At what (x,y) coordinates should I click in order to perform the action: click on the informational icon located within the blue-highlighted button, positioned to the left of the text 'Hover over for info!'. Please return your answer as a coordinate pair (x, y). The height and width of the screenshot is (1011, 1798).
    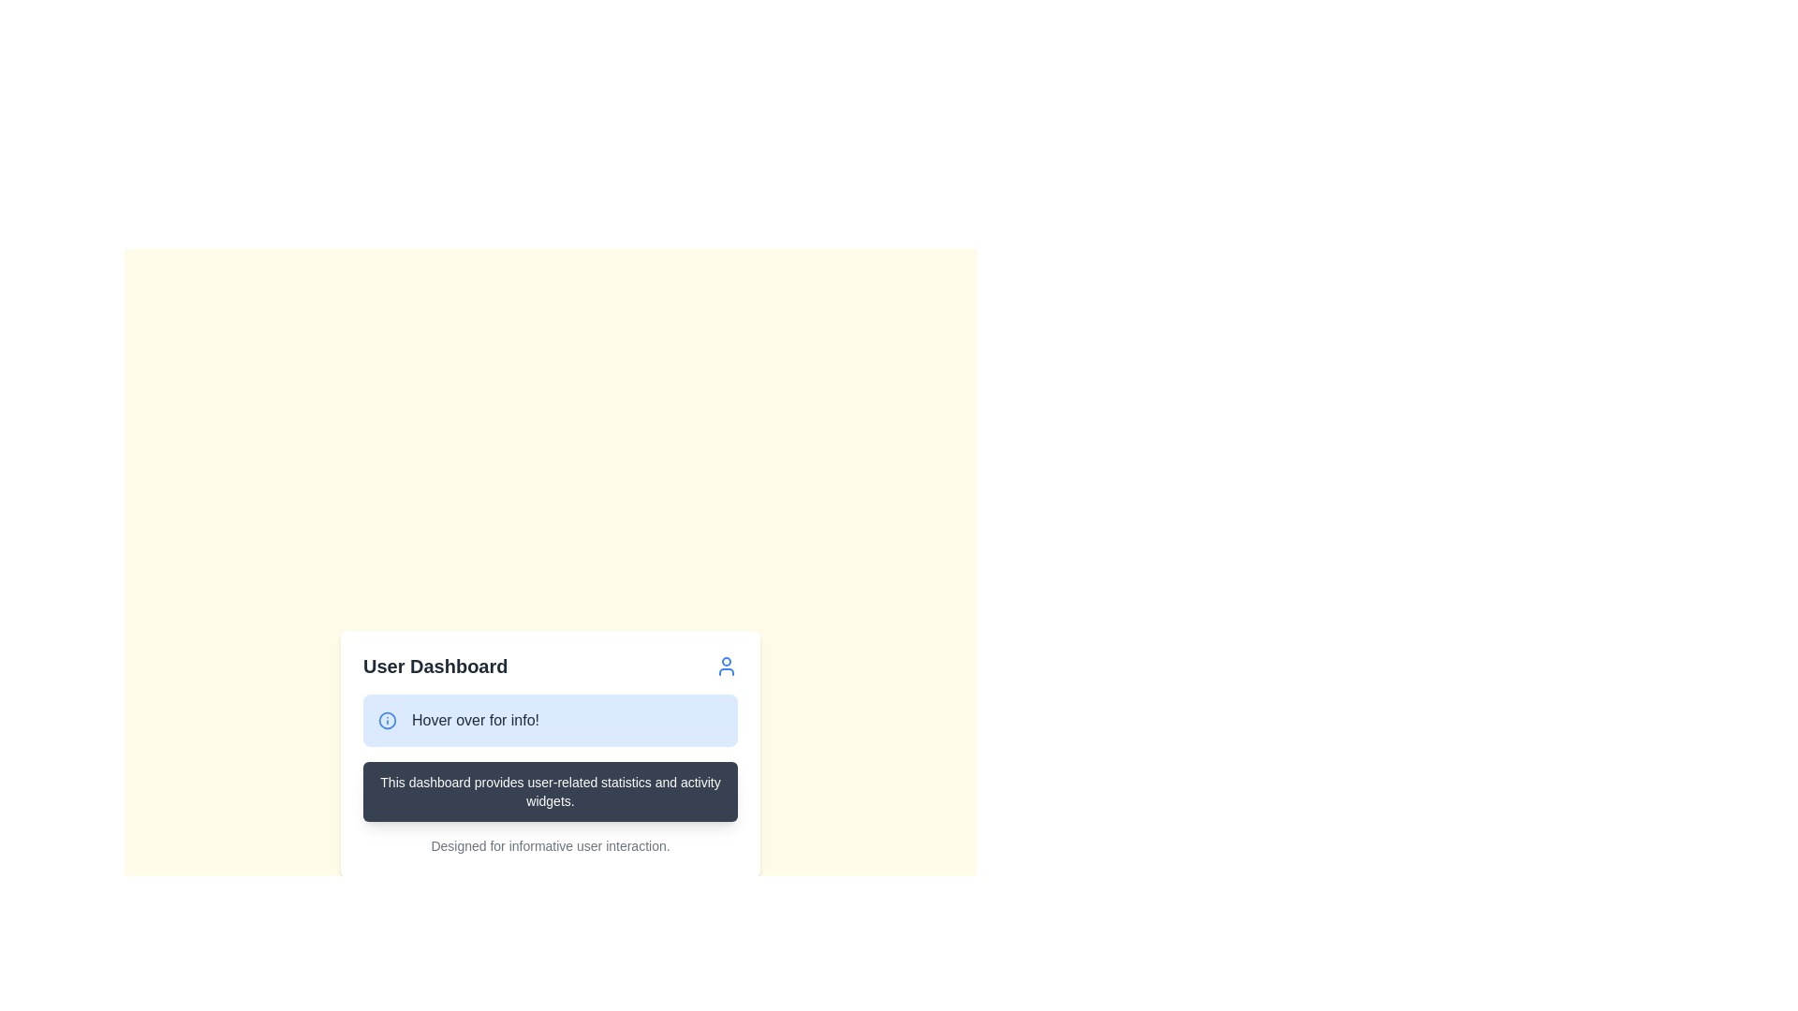
    Looking at the image, I should click on (386, 720).